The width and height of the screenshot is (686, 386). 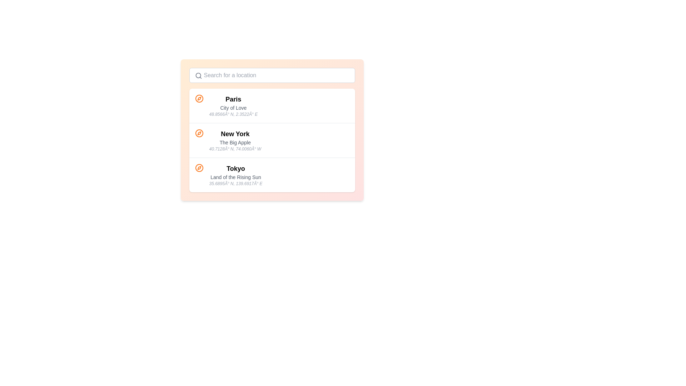 What do you see at coordinates (199, 168) in the screenshot?
I see `the SVG circle element that is part of the compass icon corresponding to 'Tokyo' in the third row of the location list` at bounding box center [199, 168].